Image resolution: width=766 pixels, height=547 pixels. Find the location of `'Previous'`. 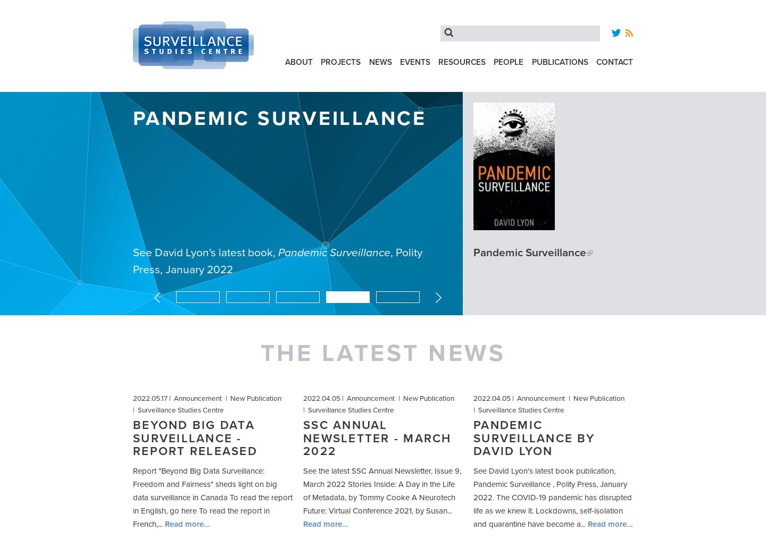

'Previous' is located at coordinates (175, 295).